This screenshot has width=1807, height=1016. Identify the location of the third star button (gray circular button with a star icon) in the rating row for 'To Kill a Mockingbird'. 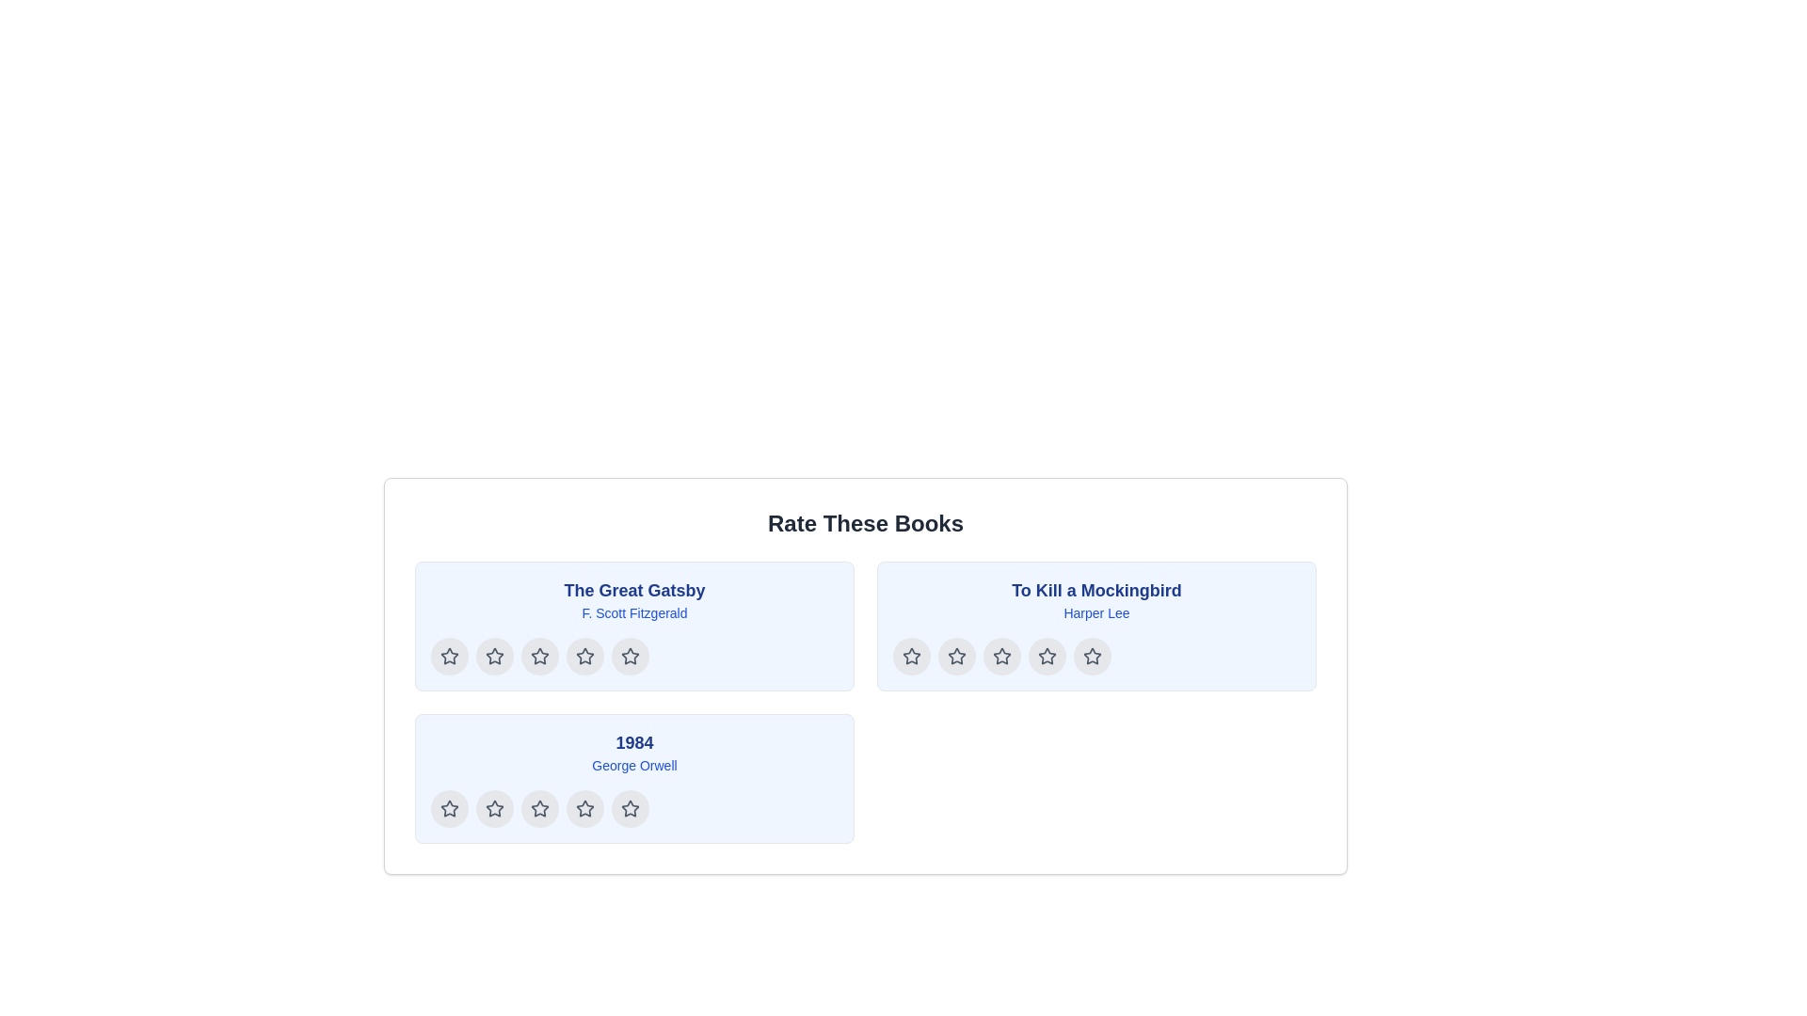
(1001, 656).